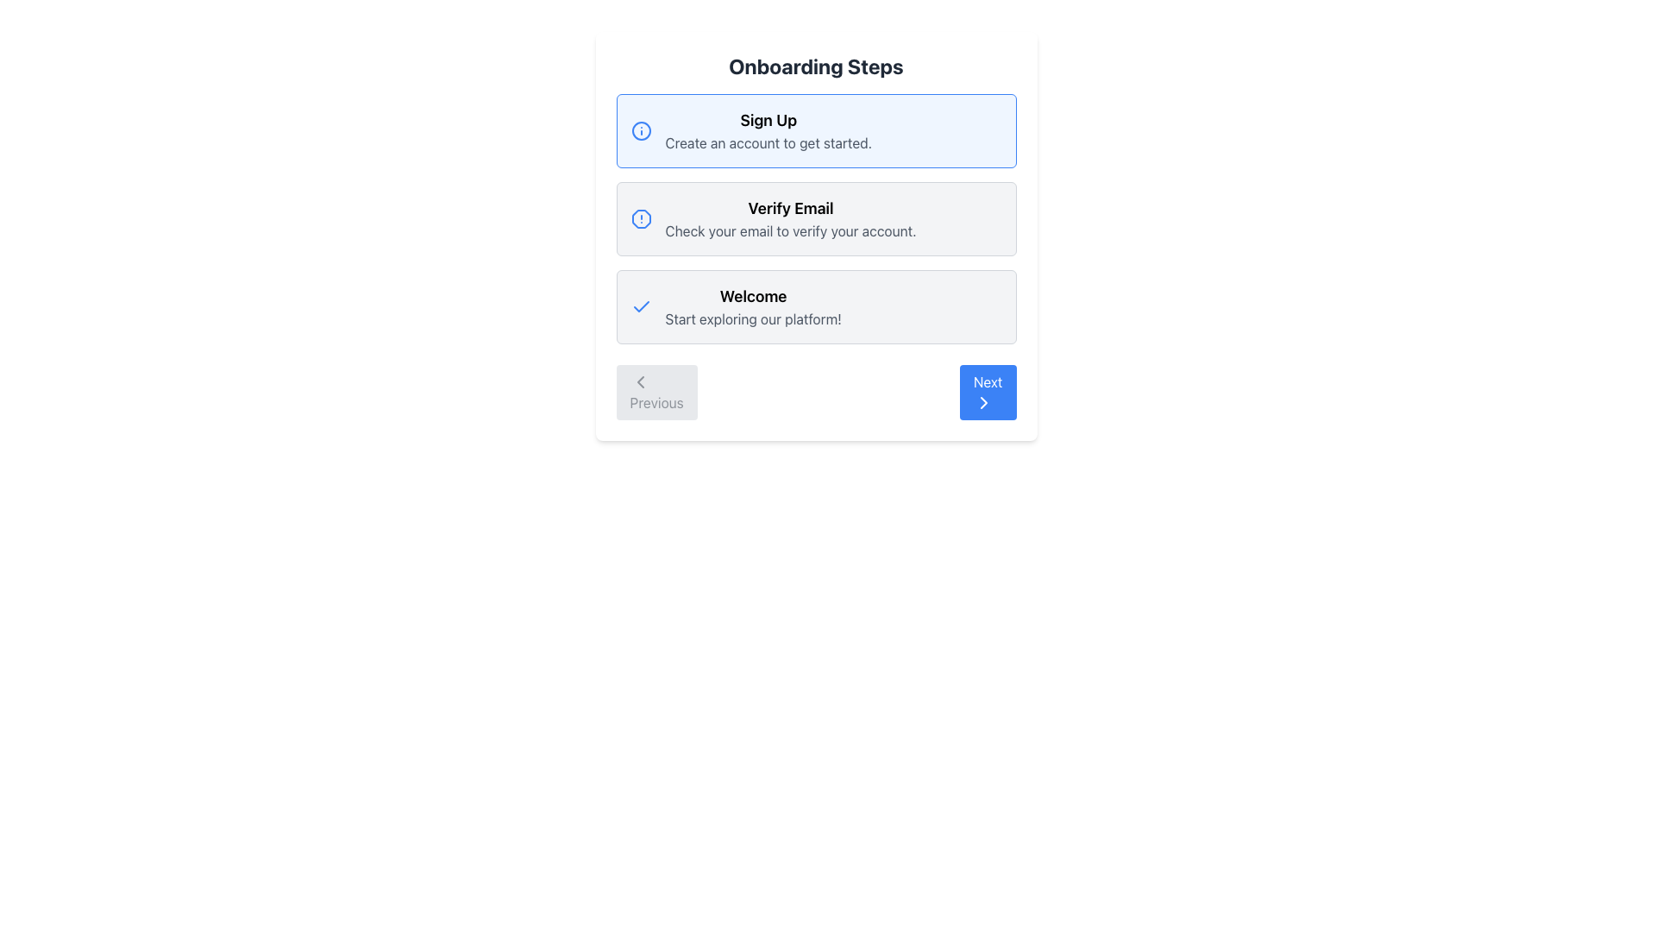  I want to click on the Text Description Block that conveys information about signing up and creating an account, which is positioned at the top of the onboarding steps list, so click(768, 129).